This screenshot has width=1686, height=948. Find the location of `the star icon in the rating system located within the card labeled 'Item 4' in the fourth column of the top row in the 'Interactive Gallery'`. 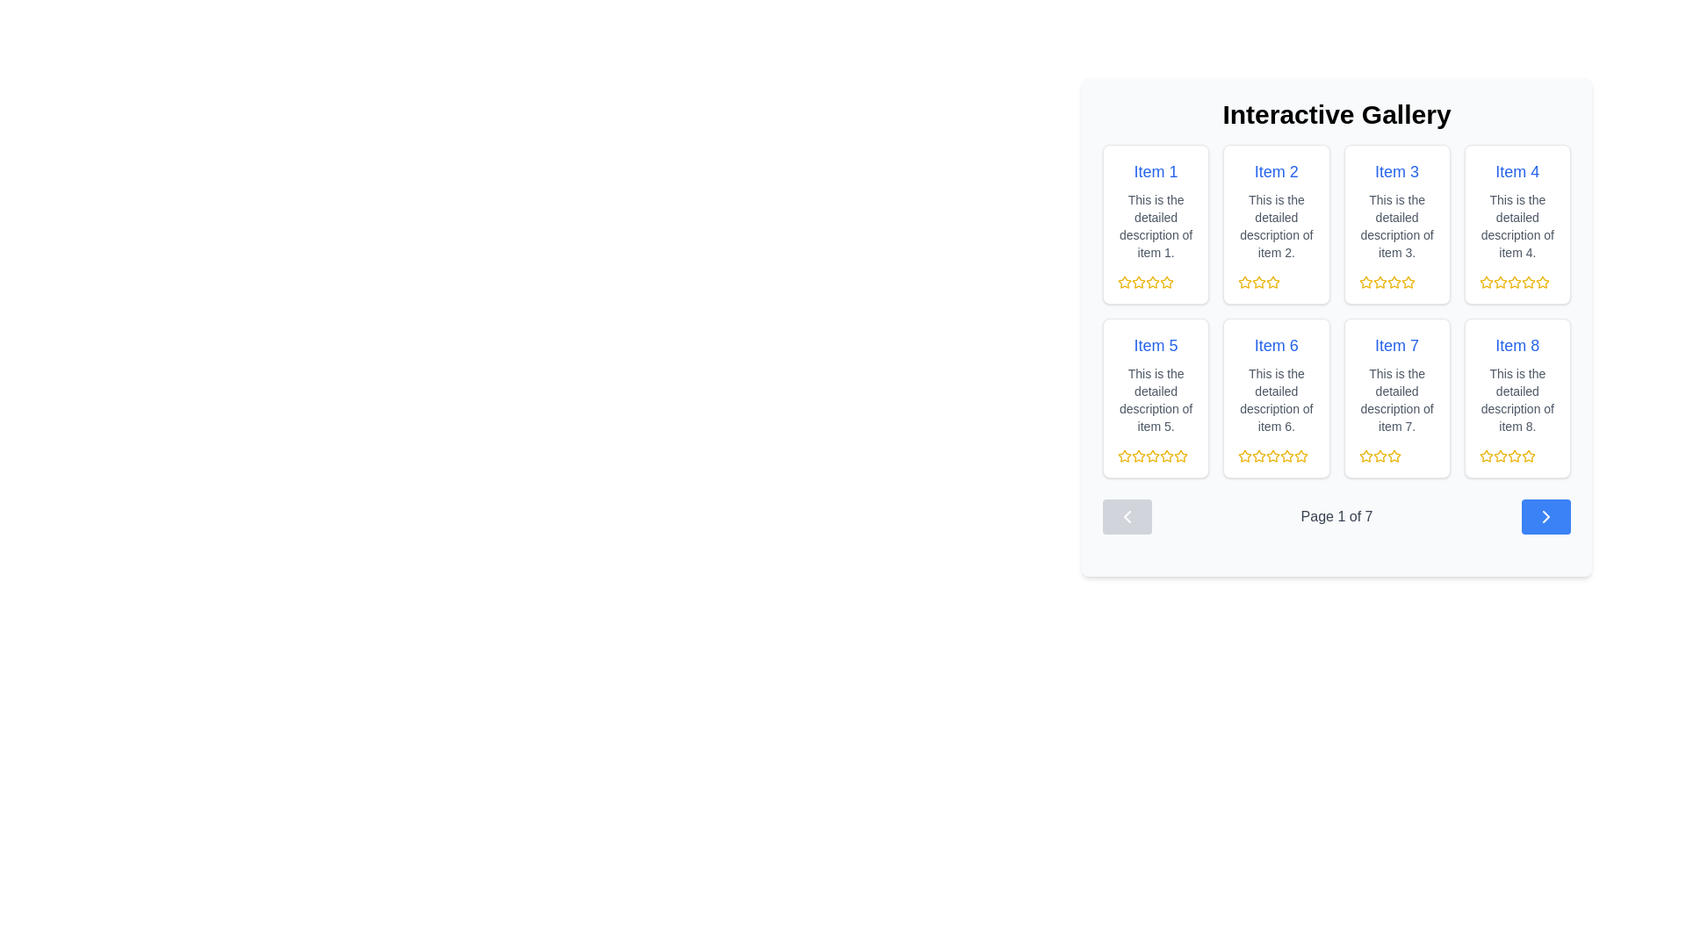

the star icon in the rating system located within the card labeled 'Item 4' in the fourth column of the top row in the 'Interactive Gallery' is located at coordinates (1517, 281).